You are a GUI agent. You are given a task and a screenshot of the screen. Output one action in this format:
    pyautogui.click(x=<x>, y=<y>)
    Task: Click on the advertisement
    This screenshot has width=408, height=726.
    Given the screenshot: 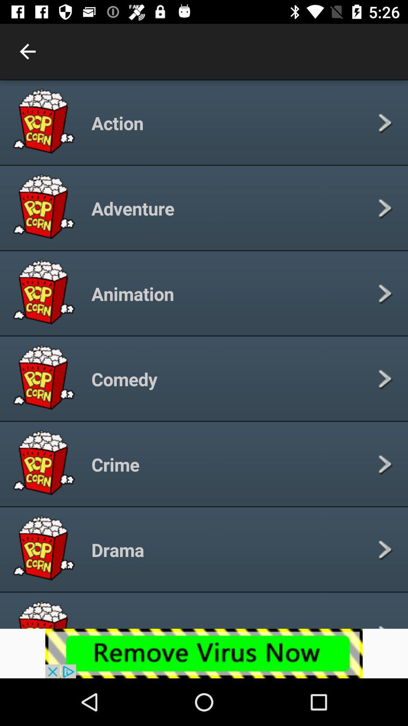 What is the action you would take?
    pyautogui.click(x=204, y=653)
    